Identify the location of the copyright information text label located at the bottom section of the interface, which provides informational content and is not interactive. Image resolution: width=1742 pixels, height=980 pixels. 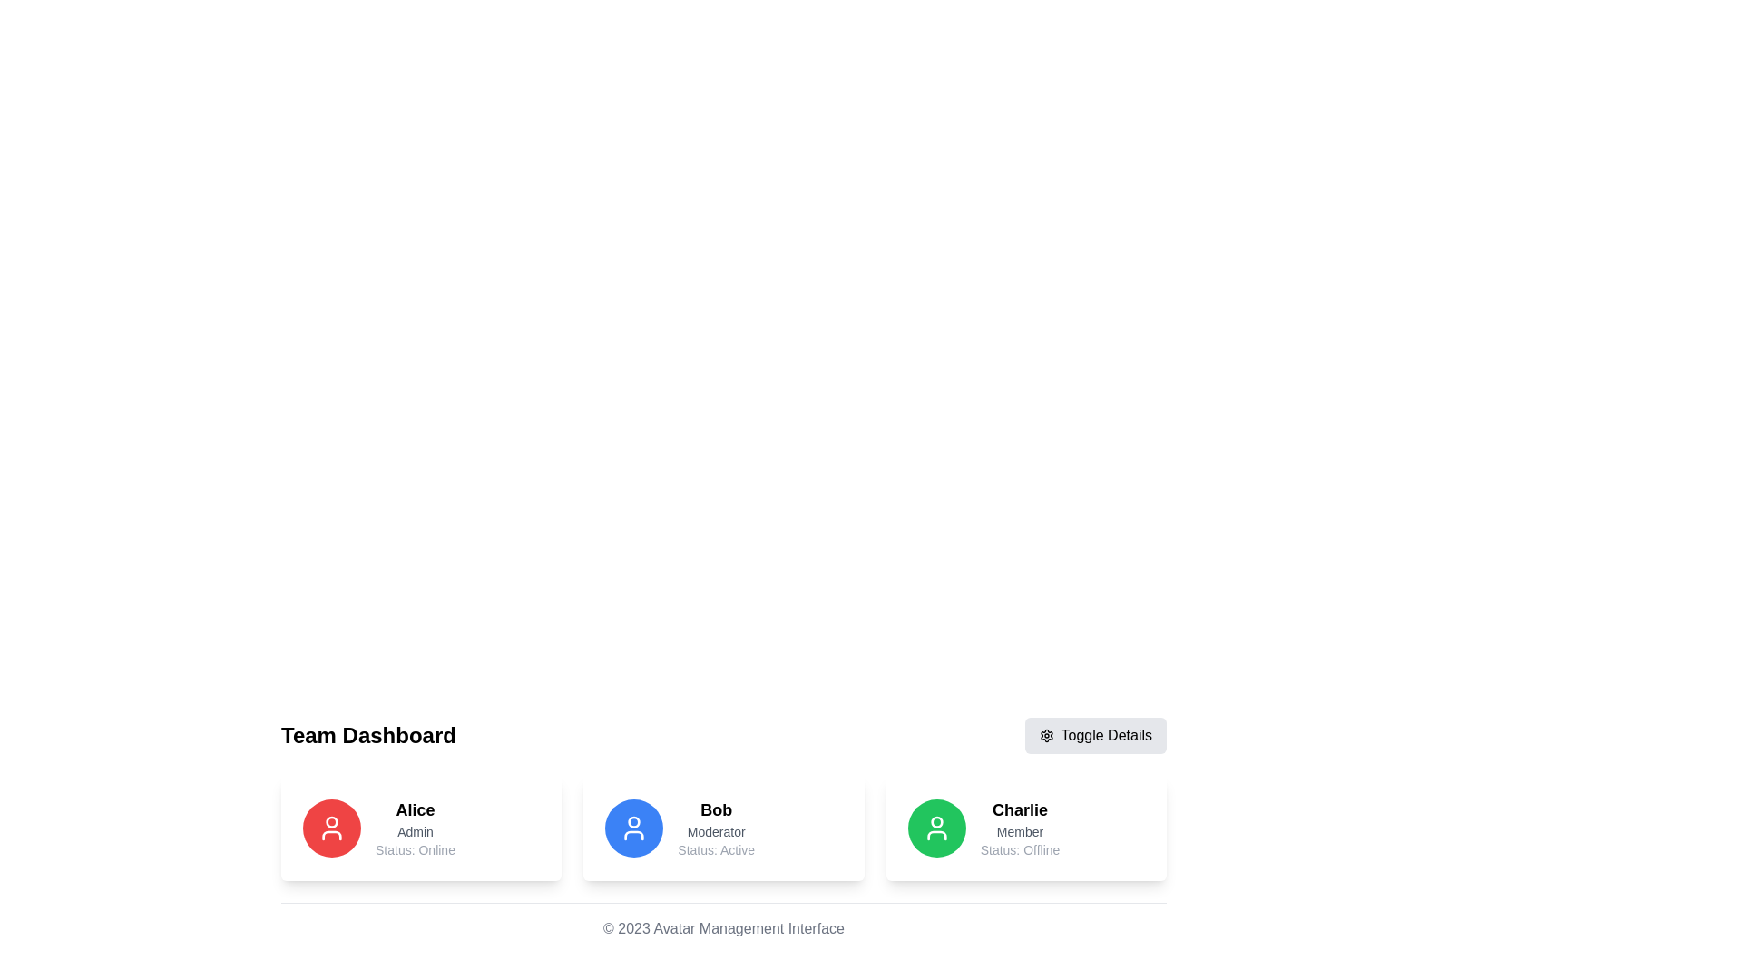
(722, 928).